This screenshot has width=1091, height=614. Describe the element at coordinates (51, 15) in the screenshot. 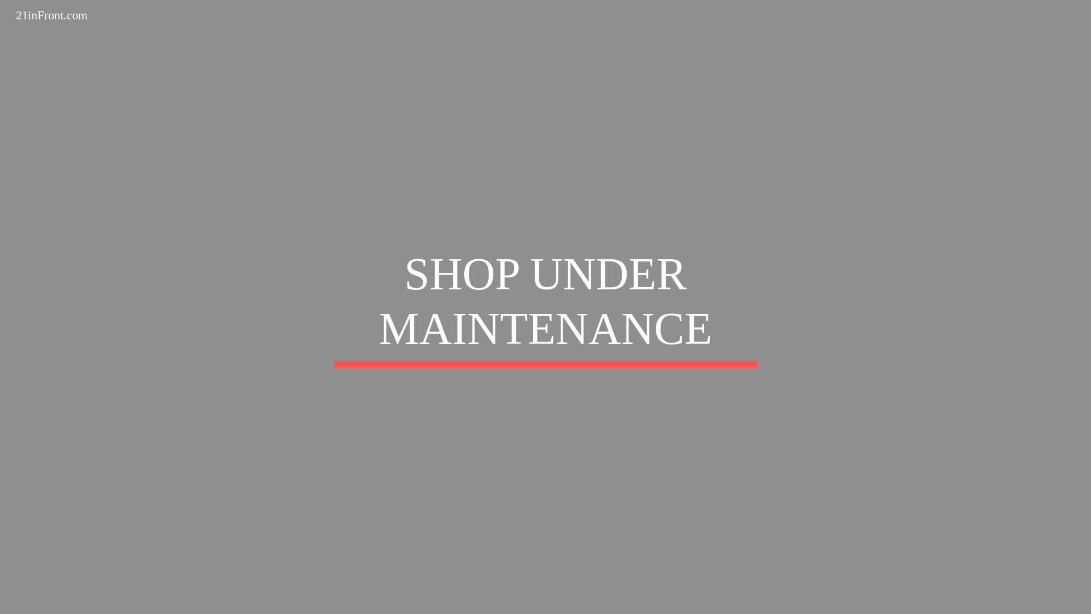

I see `'21inFront.com'` at that location.